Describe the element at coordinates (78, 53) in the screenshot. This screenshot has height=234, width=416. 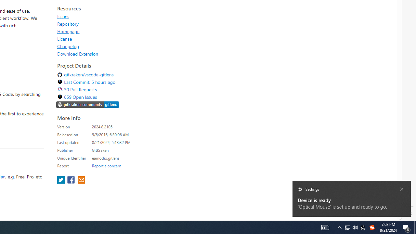
I see `'Download Extension'` at that location.